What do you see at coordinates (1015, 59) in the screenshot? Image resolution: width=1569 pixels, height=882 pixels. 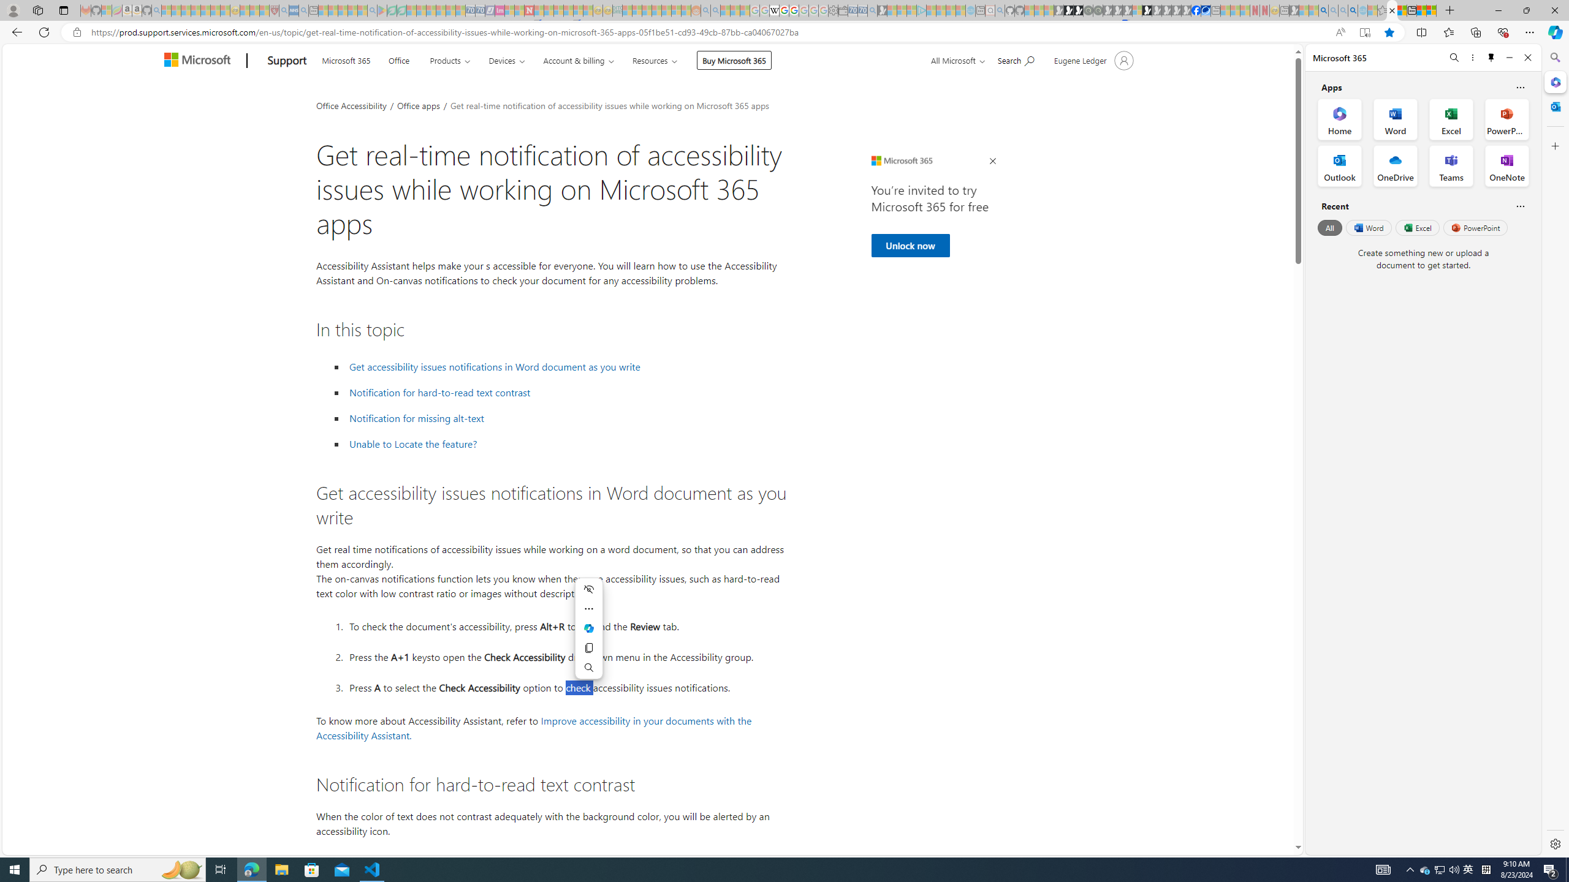 I see `'Search for help'` at bounding box center [1015, 59].